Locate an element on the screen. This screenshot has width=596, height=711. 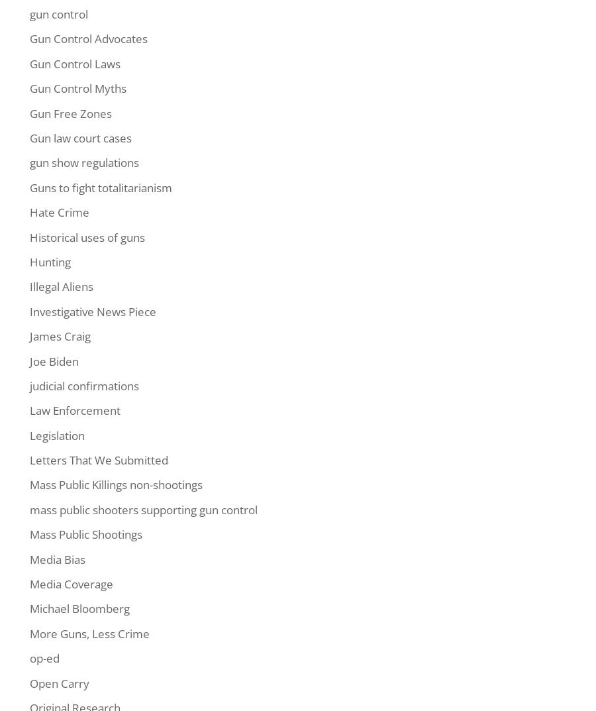
'gun show regulations' is located at coordinates (84, 162).